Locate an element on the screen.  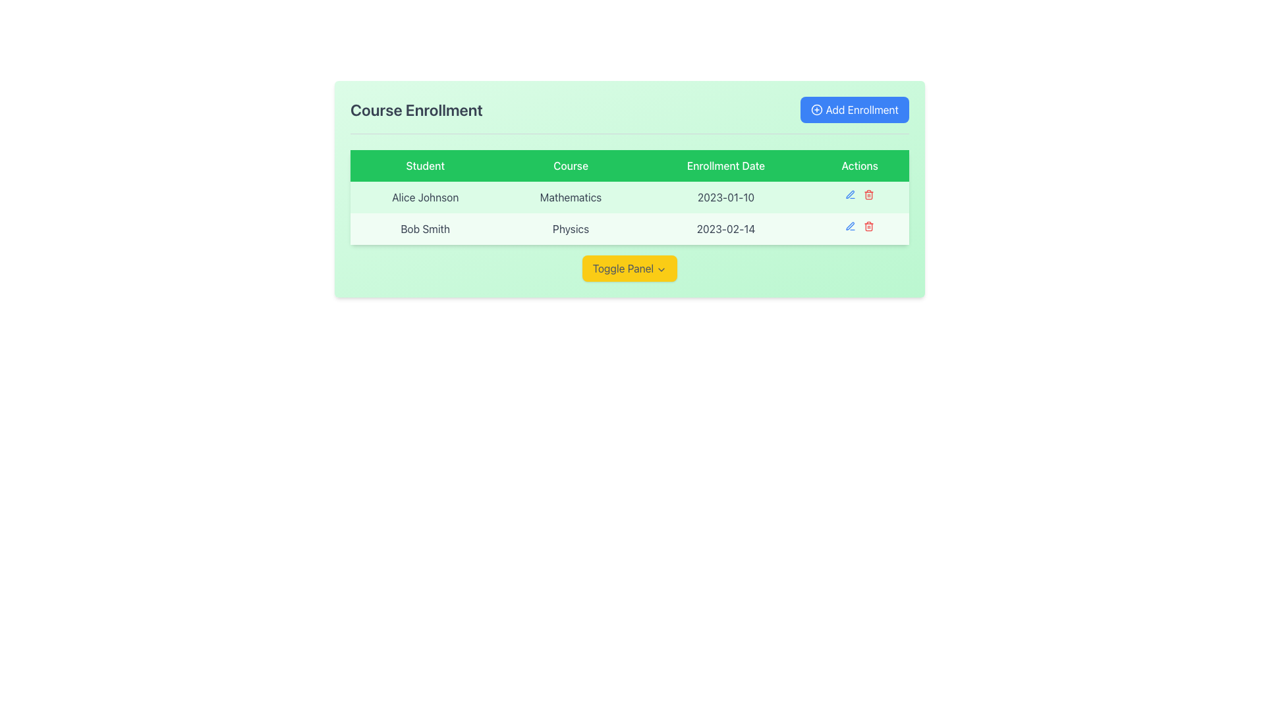
the column header labeled 'Enrollment Dates', which is the third label in a horizontal list of four labels in the table header is located at coordinates (725, 165).